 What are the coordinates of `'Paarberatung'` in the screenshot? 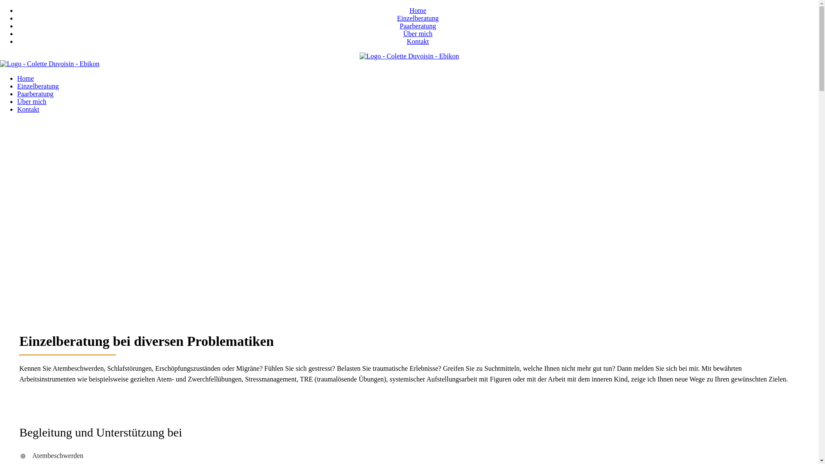 It's located at (34, 94).